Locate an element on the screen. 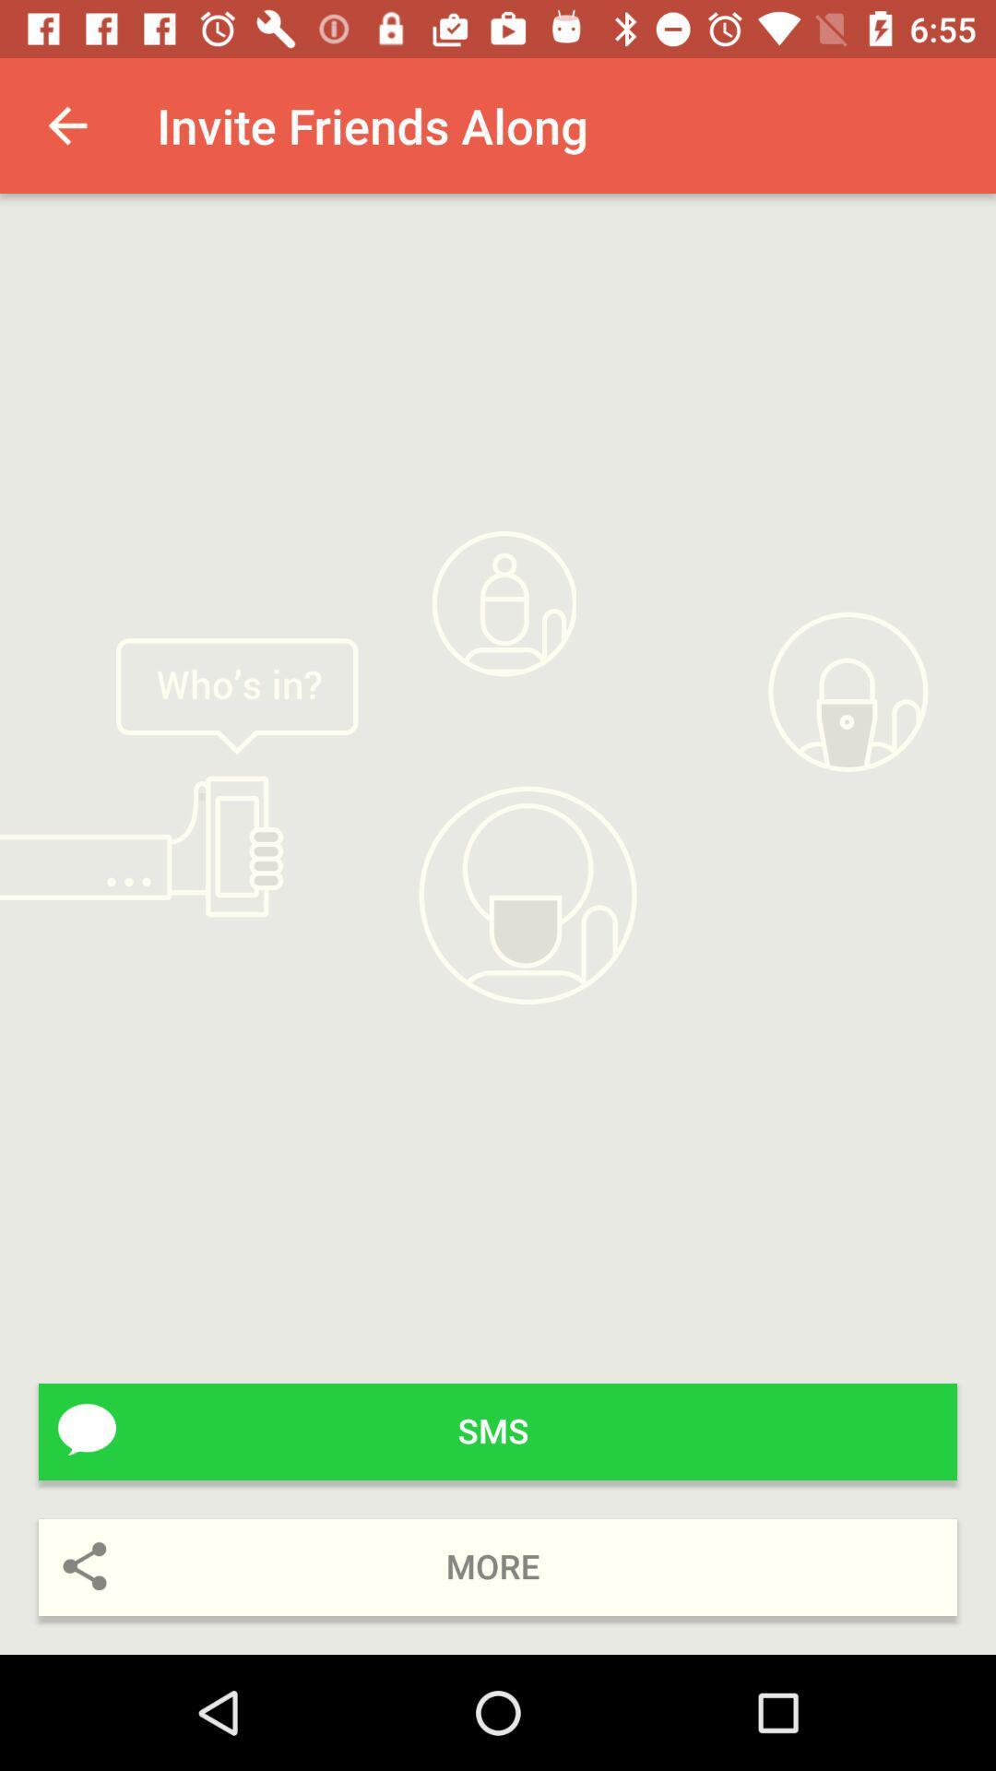 The height and width of the screenshot is (1771, 996). more icon is located at coordinates (498, 1566).